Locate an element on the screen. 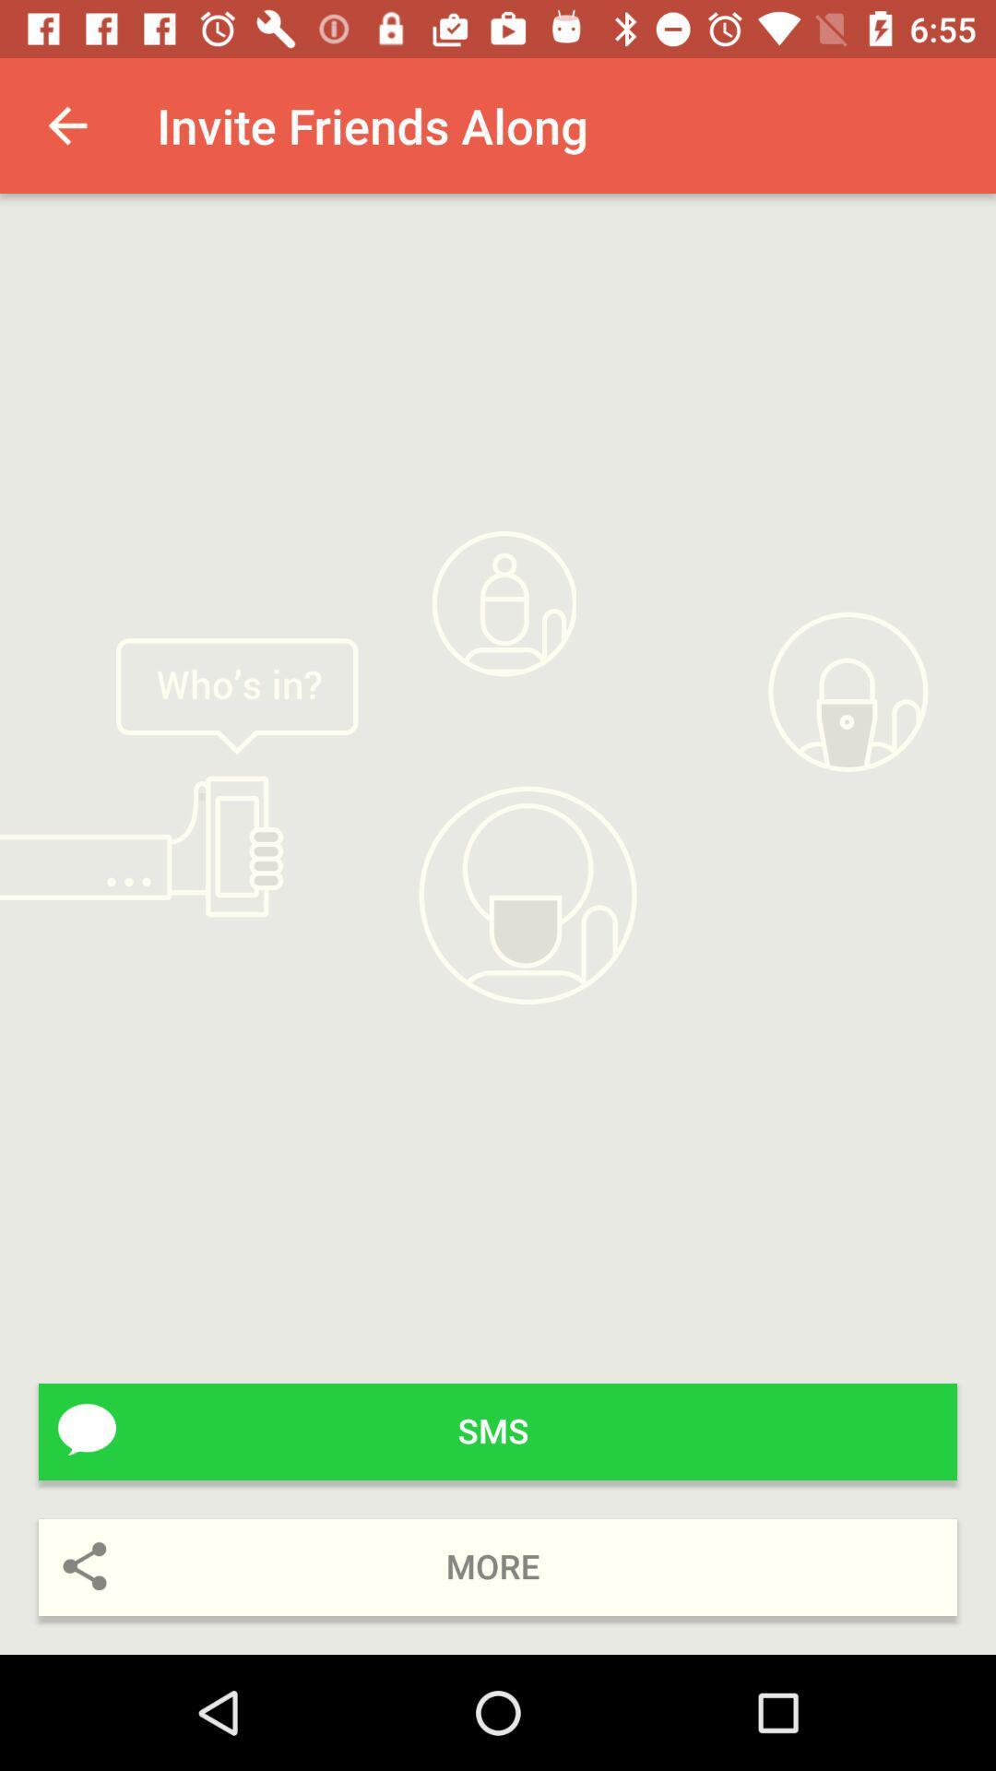 The height and width of the screenshot is (1771, 996). more icon is located at coordinates (498, 1566).